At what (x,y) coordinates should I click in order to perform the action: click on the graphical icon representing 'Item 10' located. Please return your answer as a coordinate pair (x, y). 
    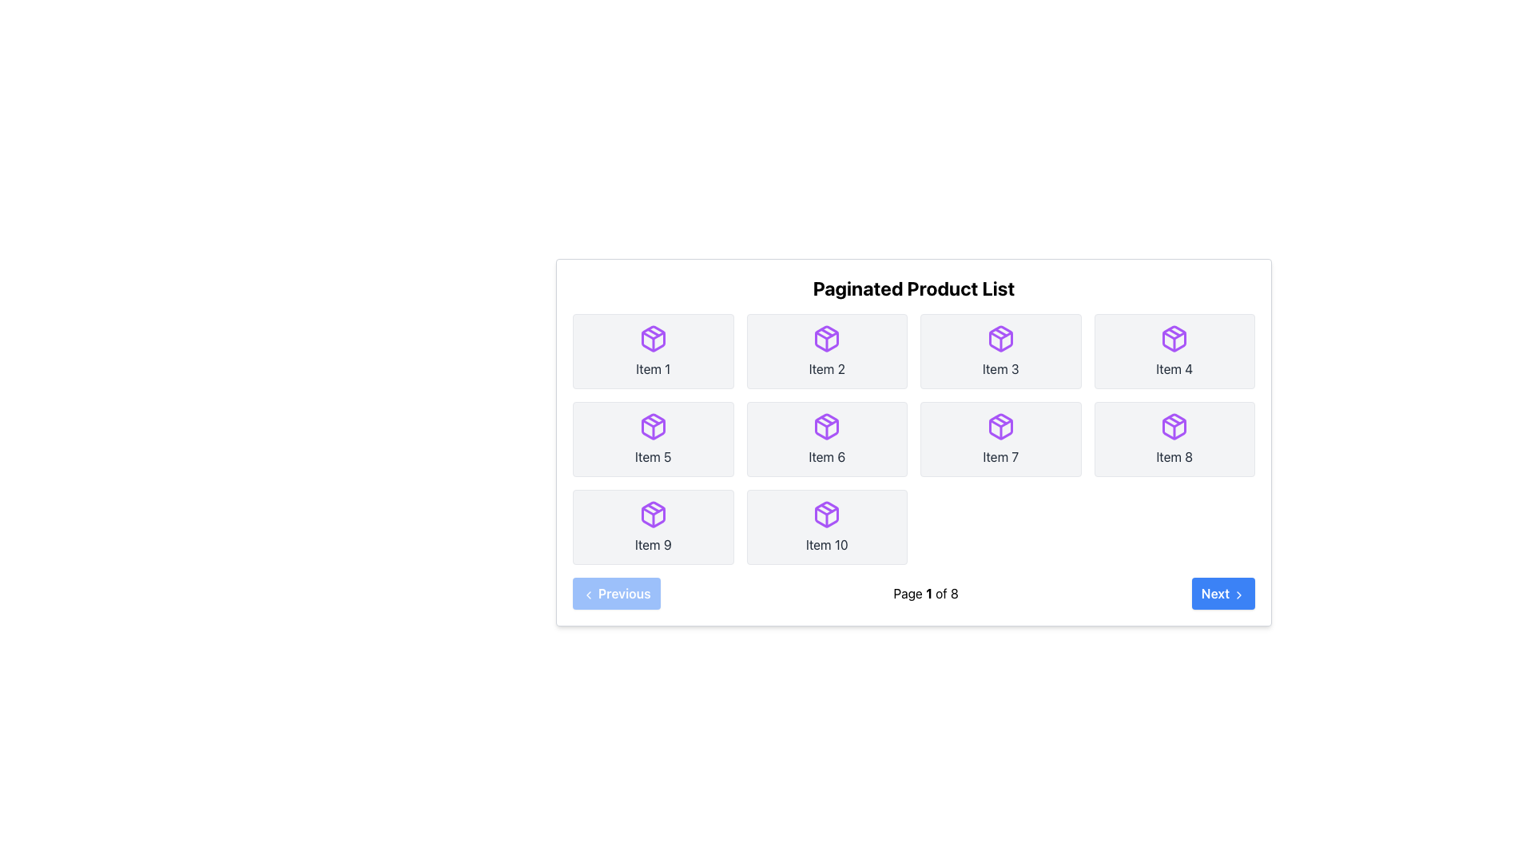
    Looking at the image, I should click on (827, 515).